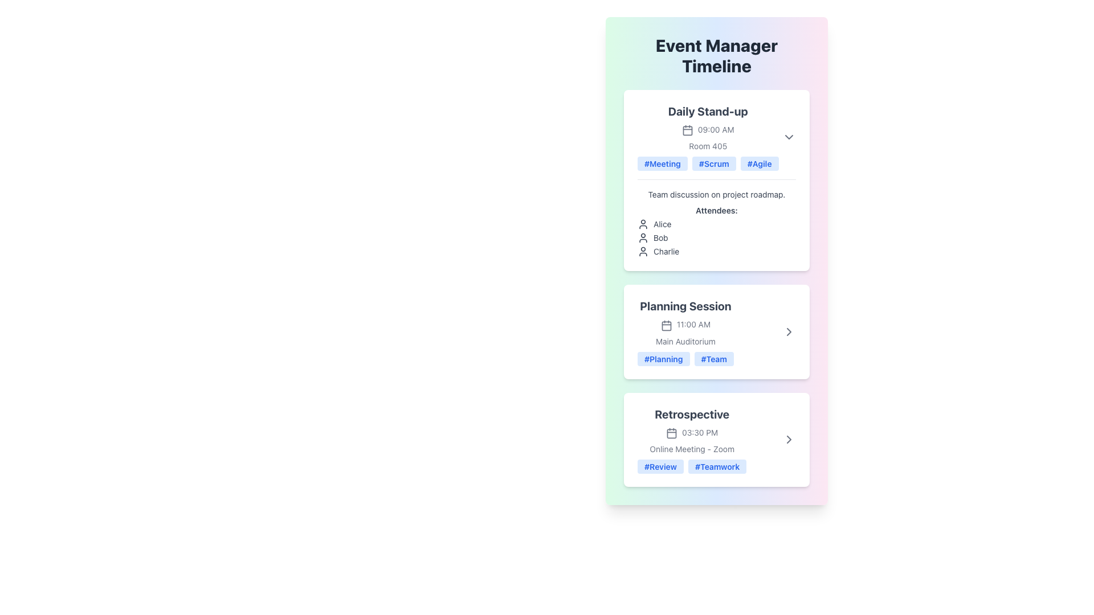 The width and height of the screenshot is (1094, 615). I want to click on the small rectangular box with rounded edges inside the calendar icon, which is located next to the '11:00 AM' text in the 'Planning Session' section, so click(666, 326).